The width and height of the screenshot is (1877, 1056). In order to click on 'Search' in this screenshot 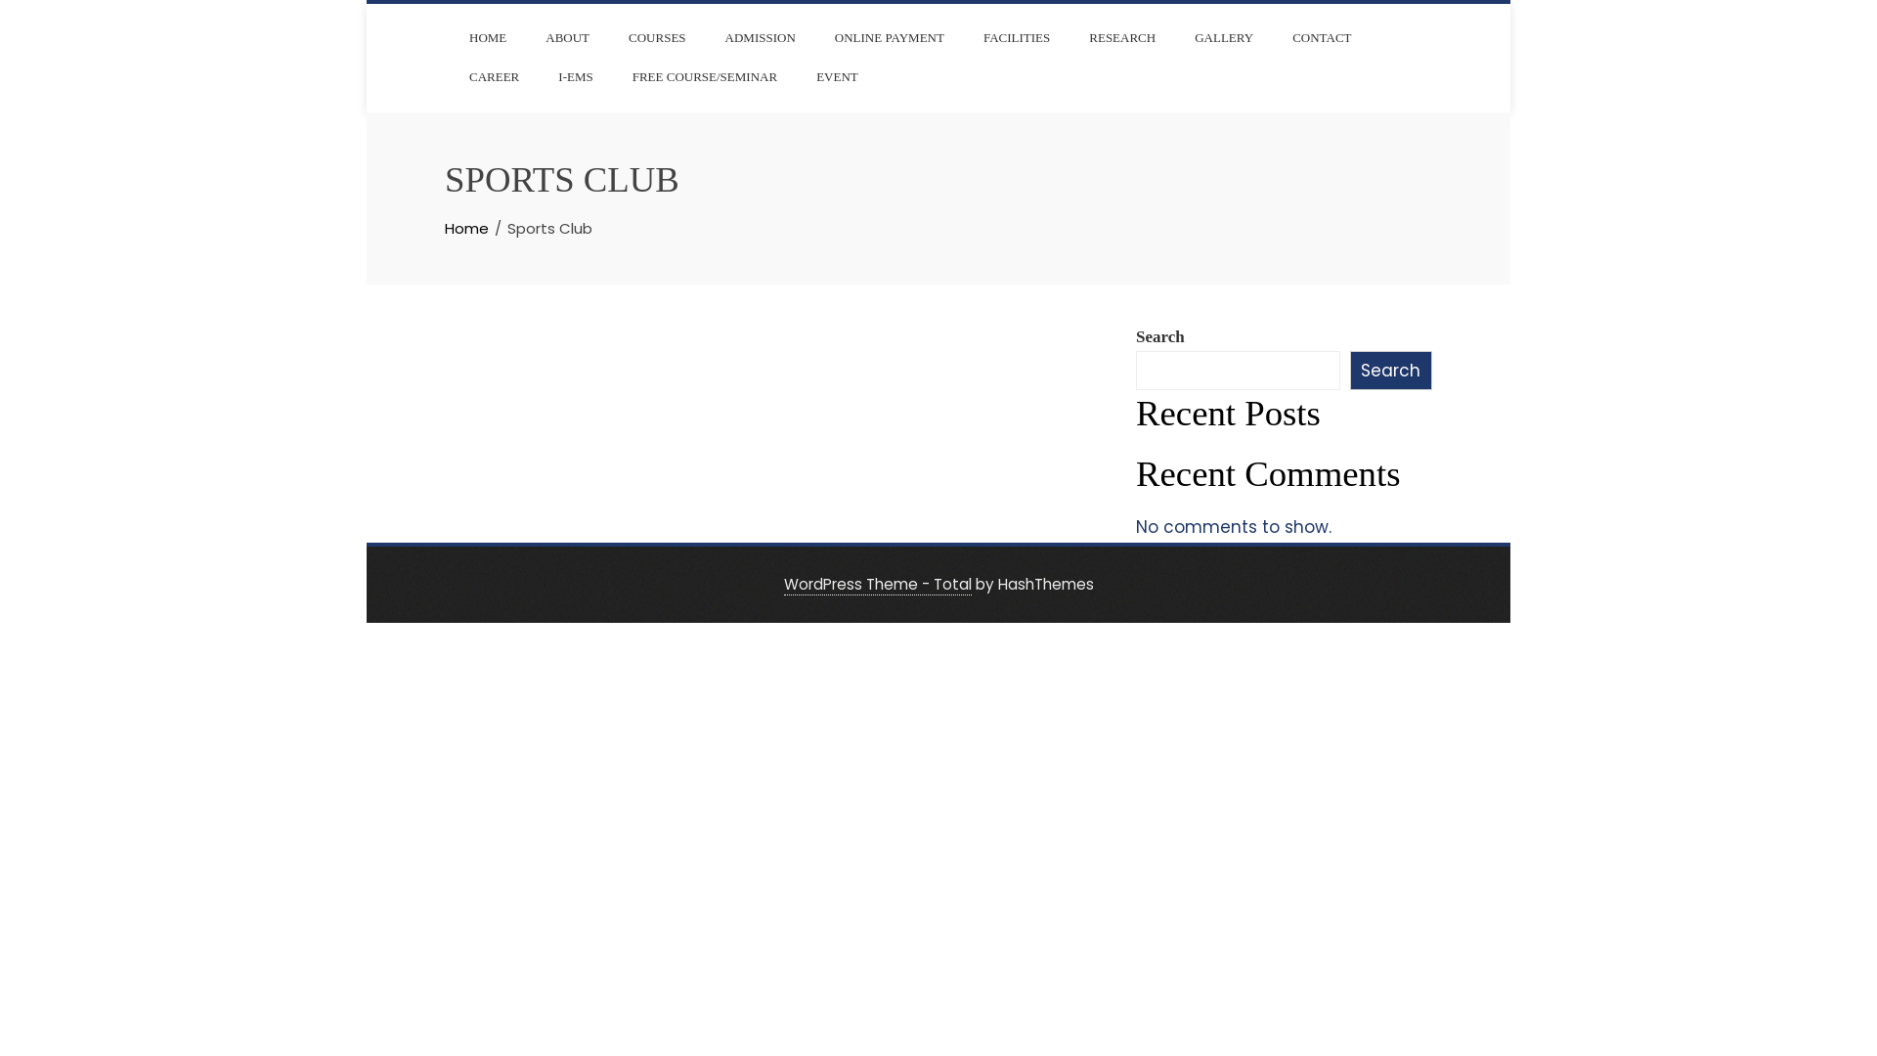, I will do `click(1389, 370)`.